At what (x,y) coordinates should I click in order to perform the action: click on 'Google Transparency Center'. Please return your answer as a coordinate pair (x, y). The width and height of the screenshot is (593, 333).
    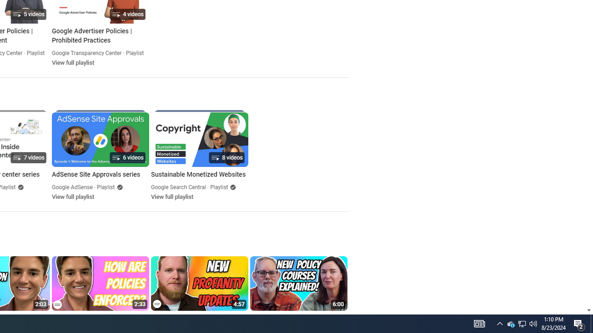
    Looking at the image, I should click on (87, 53).